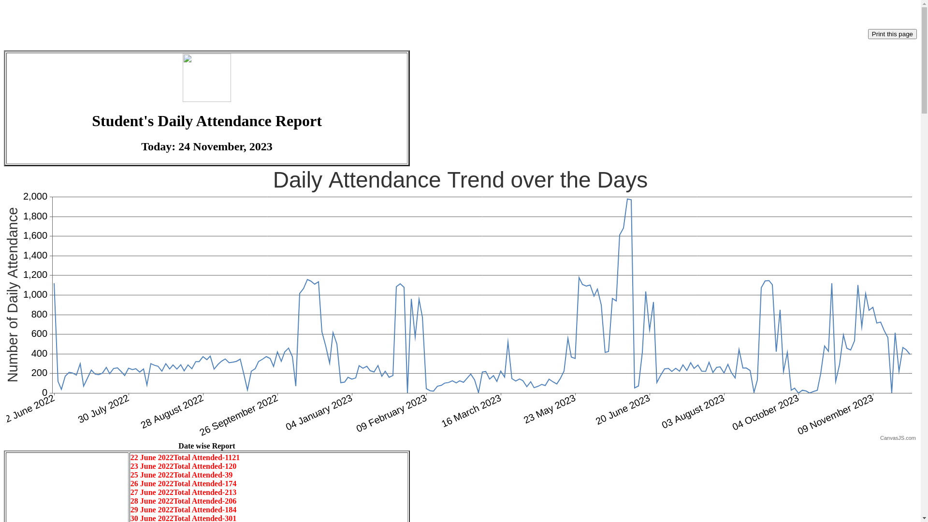 The width and height of the screenshot is (928, 522). Describe the element at coordinates (880, 438) in the screenshot. I see `'CanvasJS.com'` at that location.